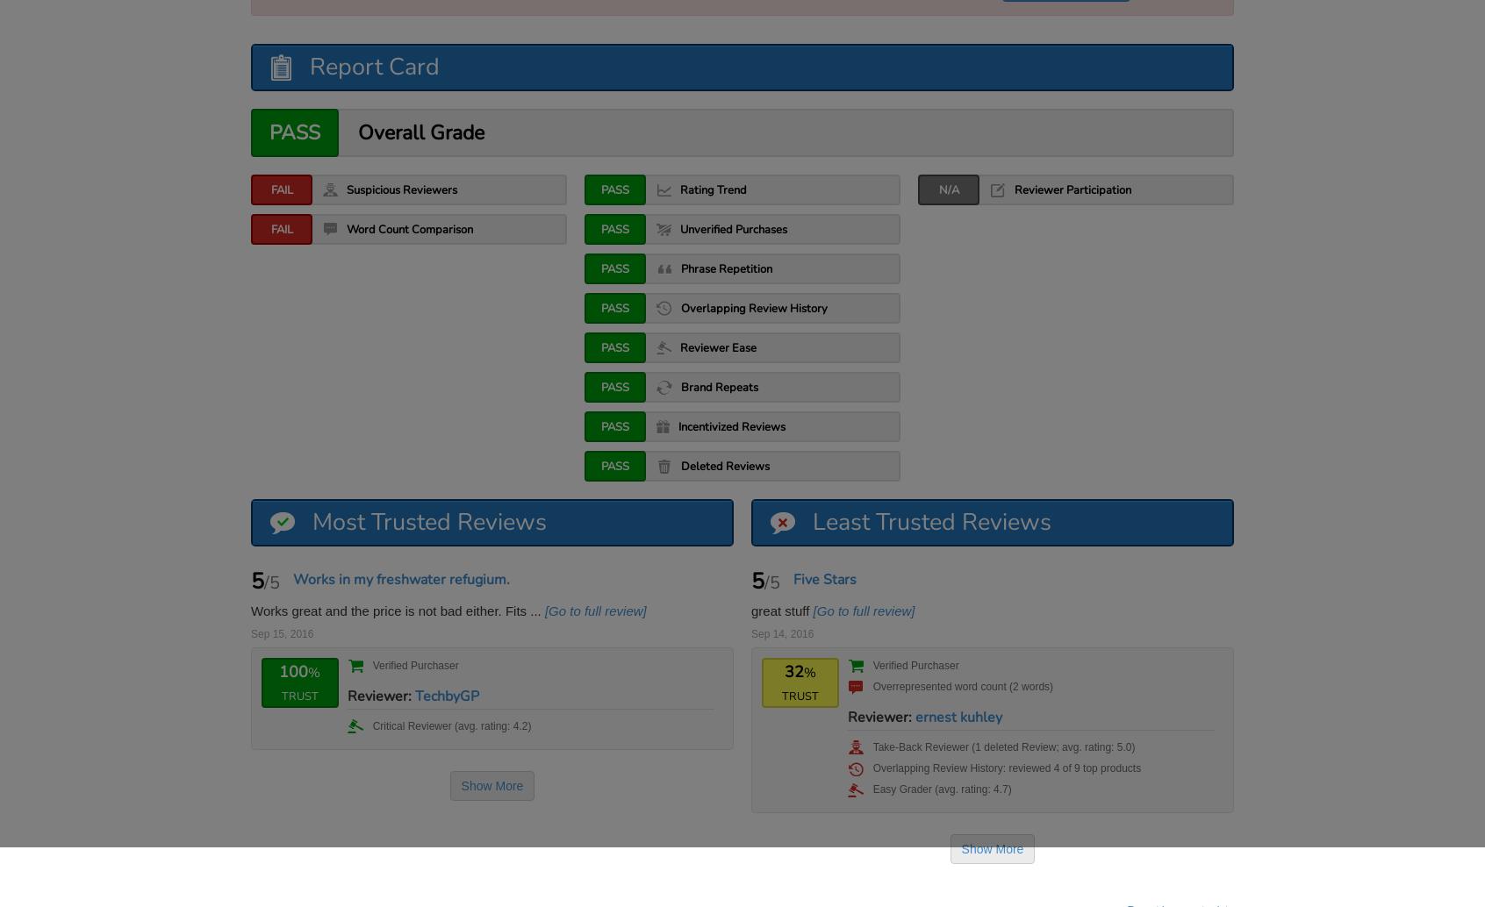 Image resolution: width=1485 pixels, height=907 pixels. Describe the element at coordinates (679, 386) in the screenshot. I see `'Brand Repeats'` at that location.